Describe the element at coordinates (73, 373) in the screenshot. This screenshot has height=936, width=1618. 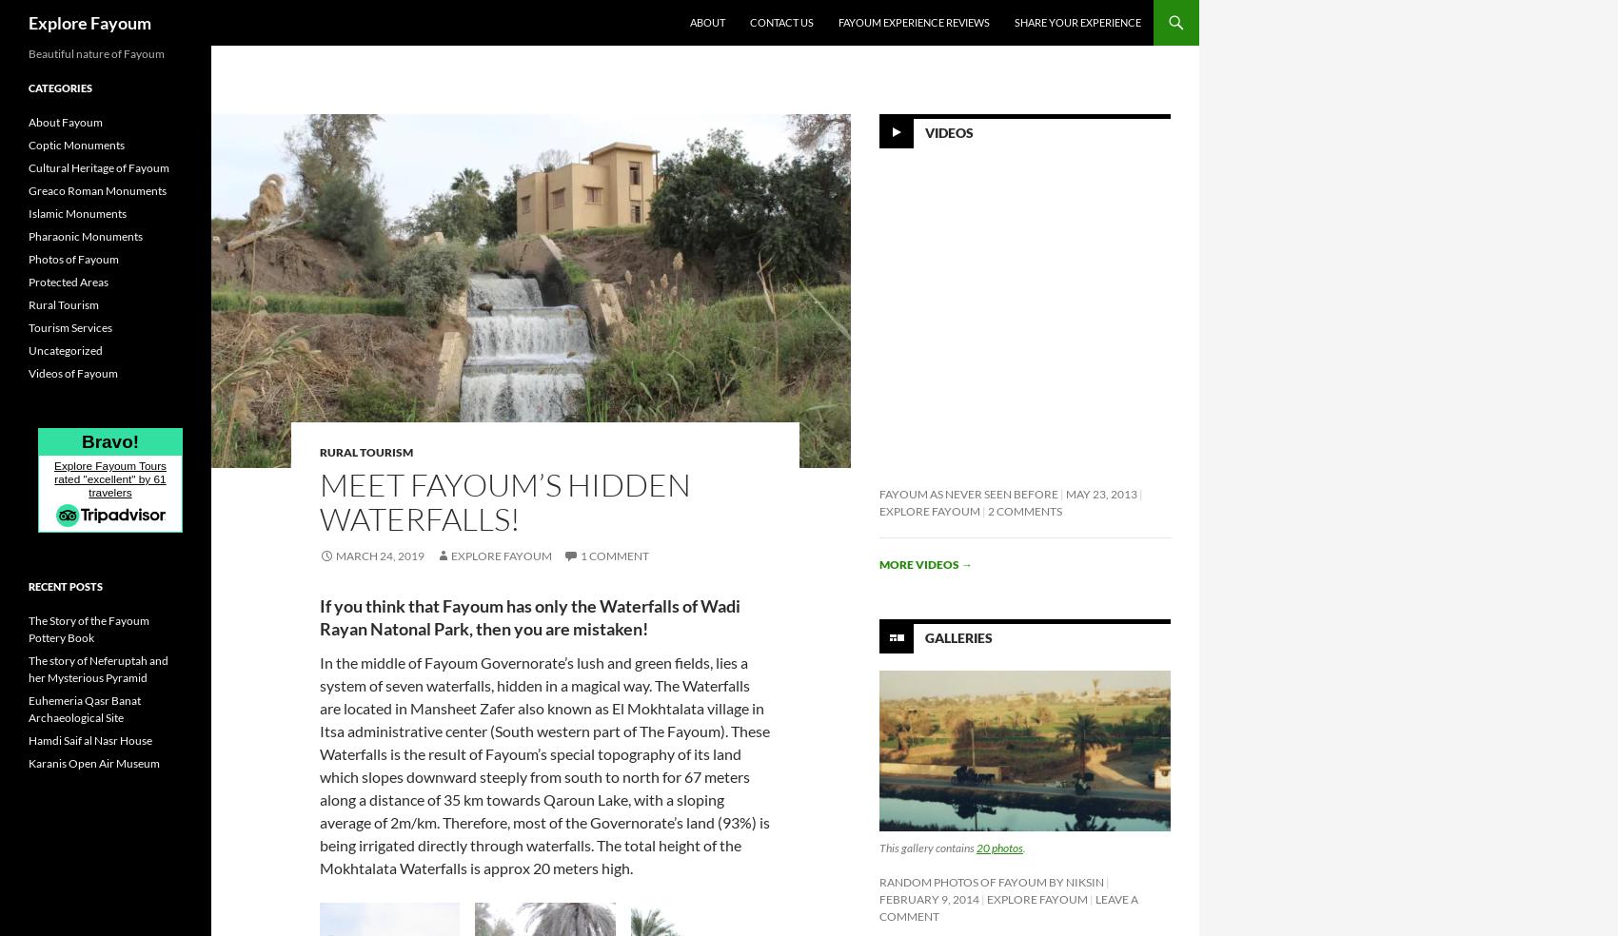
I see `'Videos of Fayoum'` at that location.